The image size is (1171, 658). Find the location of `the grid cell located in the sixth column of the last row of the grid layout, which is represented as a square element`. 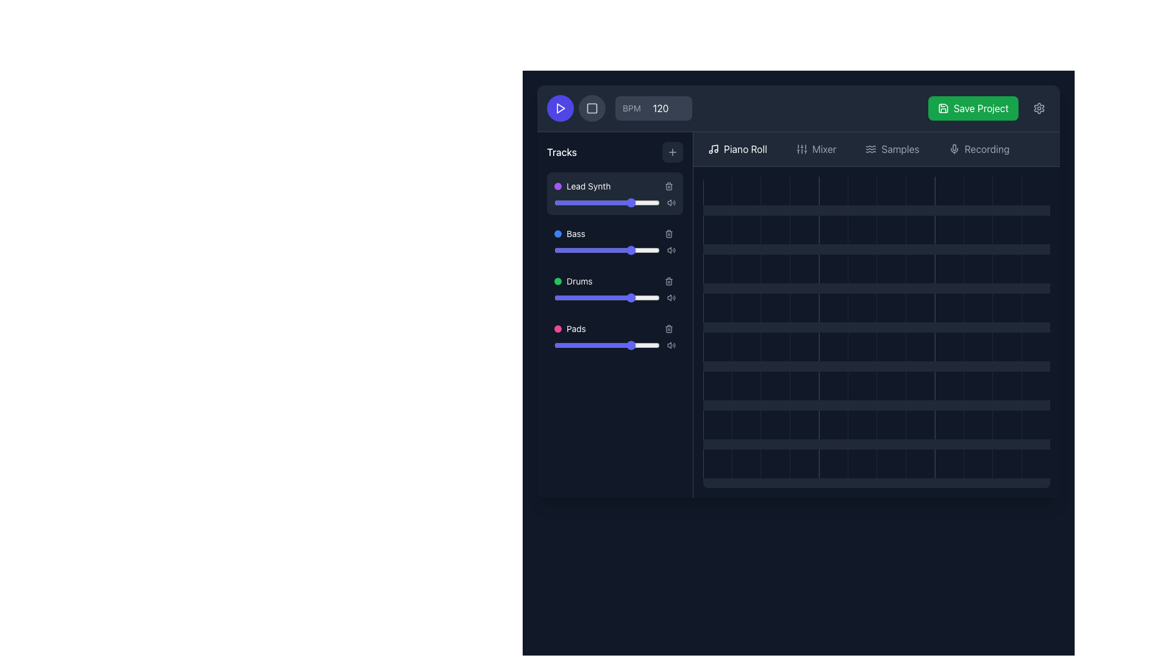

the grid cell located in the sixth column of the last row of the grid layout, which is represented as a square element is located at coordinates (861, 424).